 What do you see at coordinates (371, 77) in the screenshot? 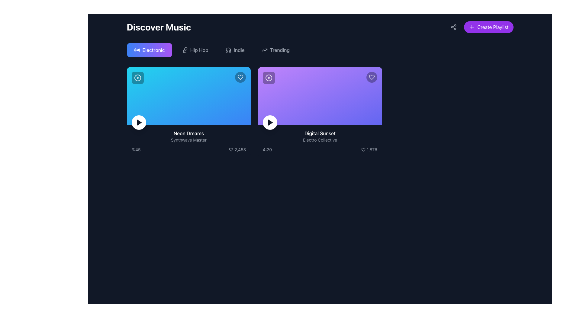
I see `the favorite button located in the top-right corner of the purple box labeled 'Digital Sunset' under the 'Trending' category to like or favorite the associated song` at bounding box center [371, 77].